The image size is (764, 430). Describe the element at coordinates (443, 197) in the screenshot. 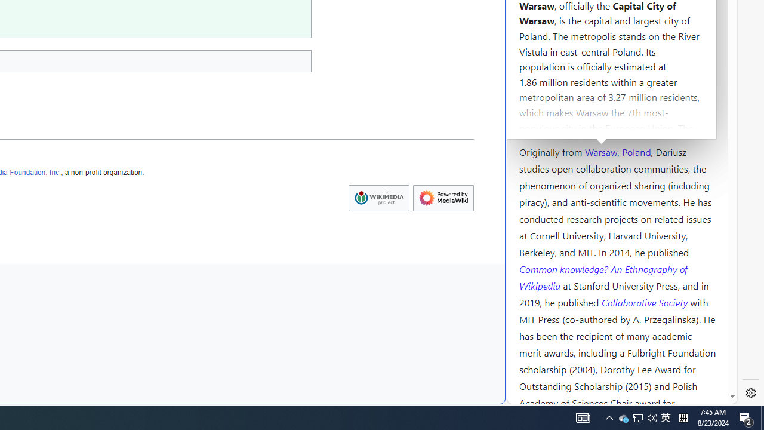

I see `'AutomationID: footer-poweredbyico'` at that location.